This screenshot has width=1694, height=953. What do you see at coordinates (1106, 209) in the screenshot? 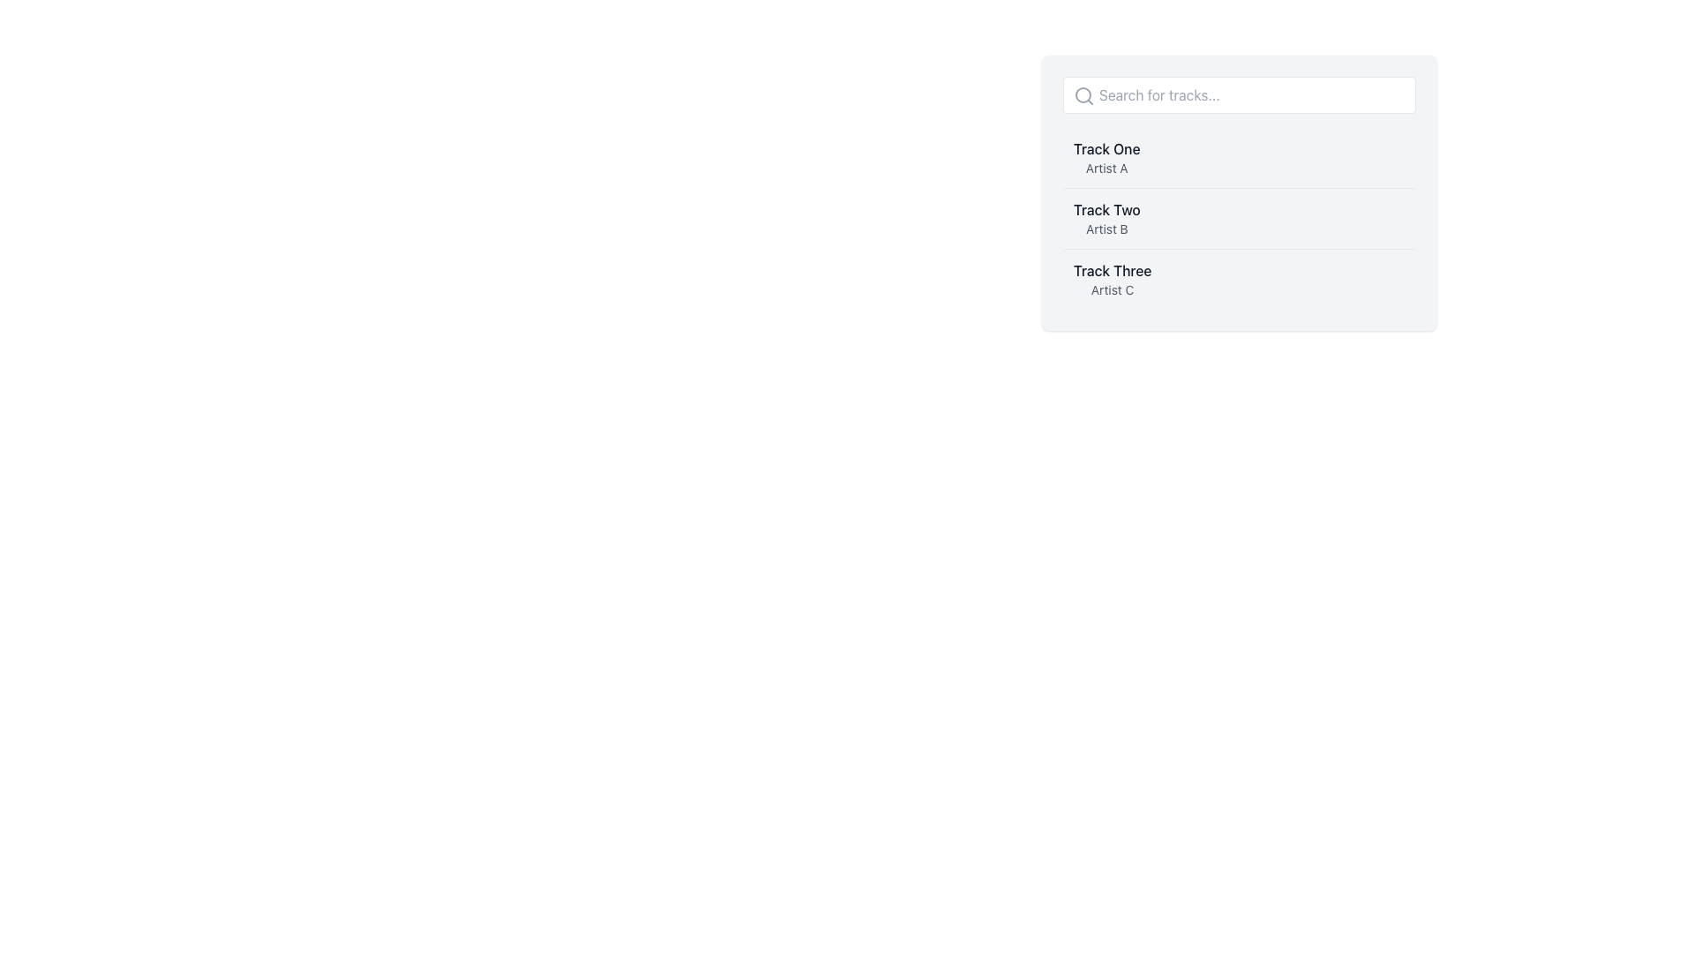
I see `the static text label 'Track Two', which is styled with a medium font weight and dark gray color, positioned in the middle of a vertical list` at bounding box center [1106, 209].